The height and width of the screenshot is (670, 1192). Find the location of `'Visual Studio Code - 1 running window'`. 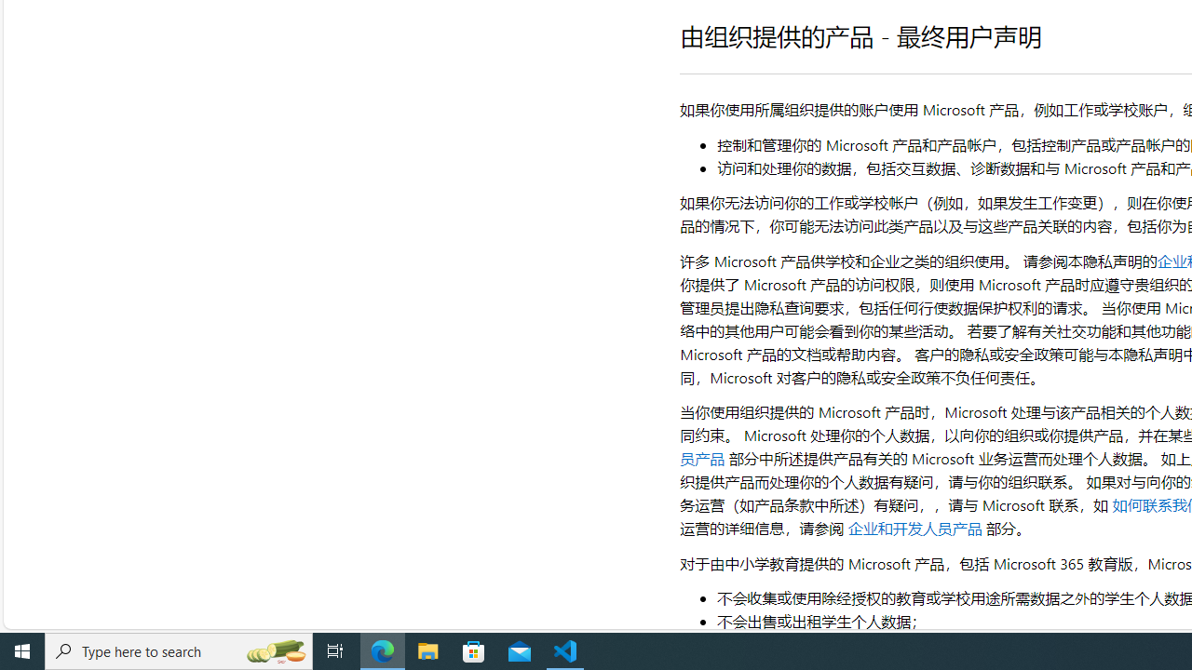

'Visual Studio Code - 1 running window' is located at coordinates (564, 650).